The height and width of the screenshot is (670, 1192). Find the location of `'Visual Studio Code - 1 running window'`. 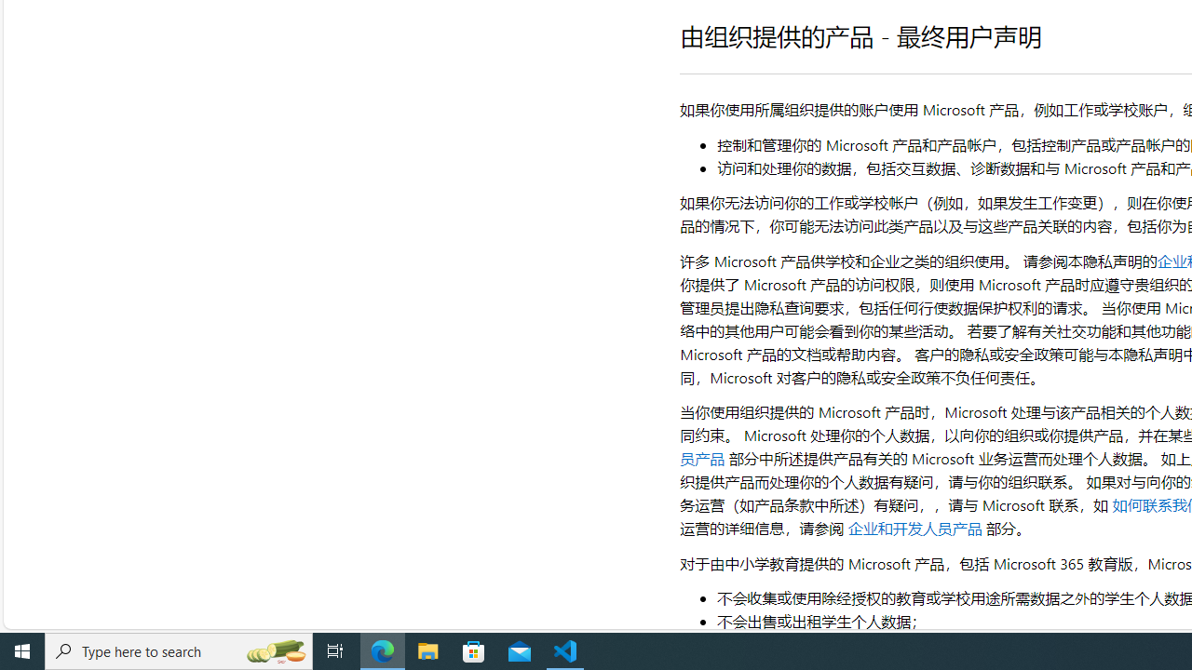

'Visual Studio Code - 1 running window' is located at coordinates (564, 650).